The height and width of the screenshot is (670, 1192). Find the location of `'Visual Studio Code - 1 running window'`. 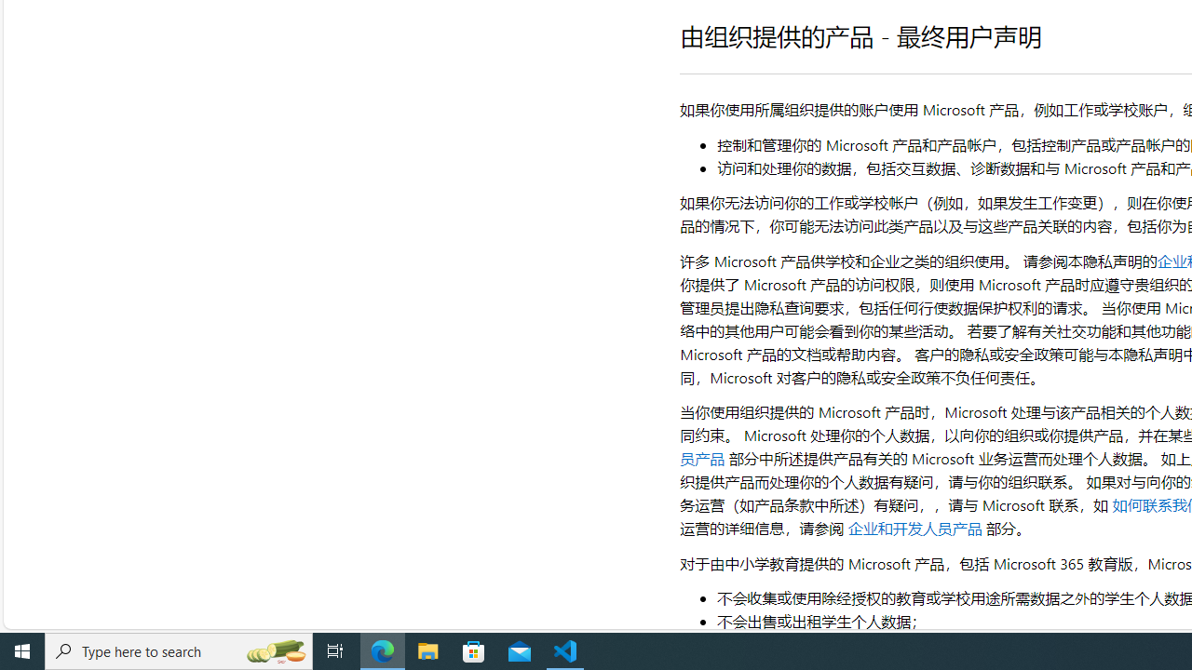

'Visual Studio Code - 1 running window' is located at coordinates (564, 650).